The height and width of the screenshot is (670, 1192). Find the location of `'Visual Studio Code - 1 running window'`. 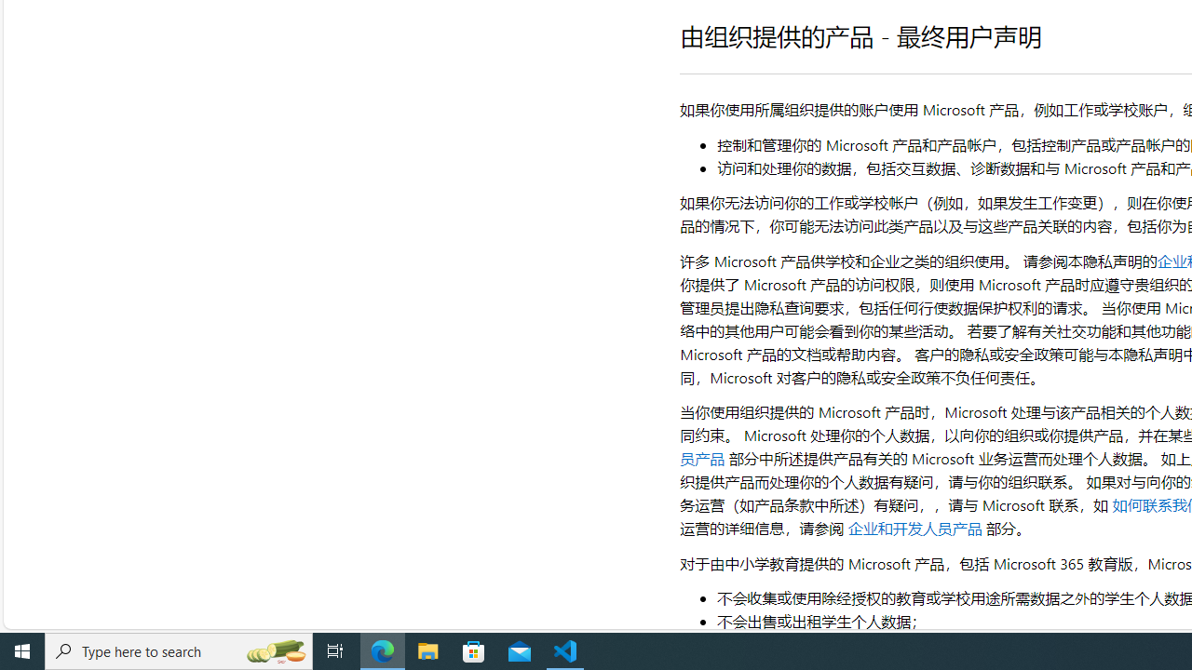

'Visual Studio Code - 1 running window' is located at coordinates (564, 650).